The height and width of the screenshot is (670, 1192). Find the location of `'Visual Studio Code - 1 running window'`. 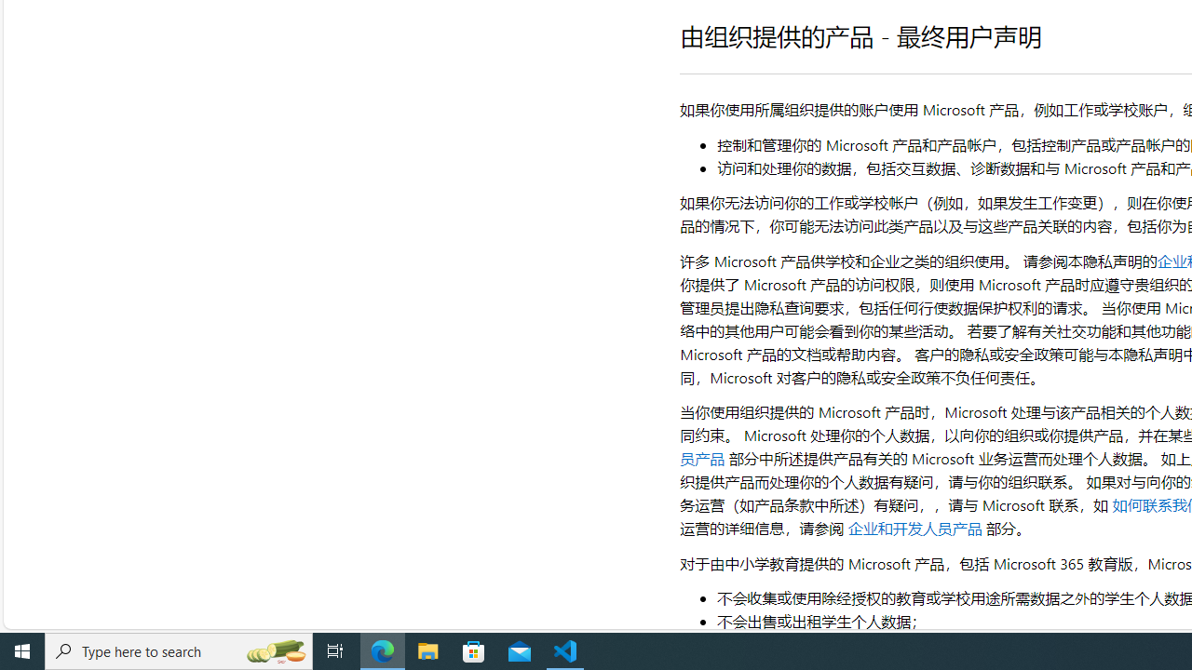

'Visual Studio Code - 1 running window' is located at coordinates (564, 650).